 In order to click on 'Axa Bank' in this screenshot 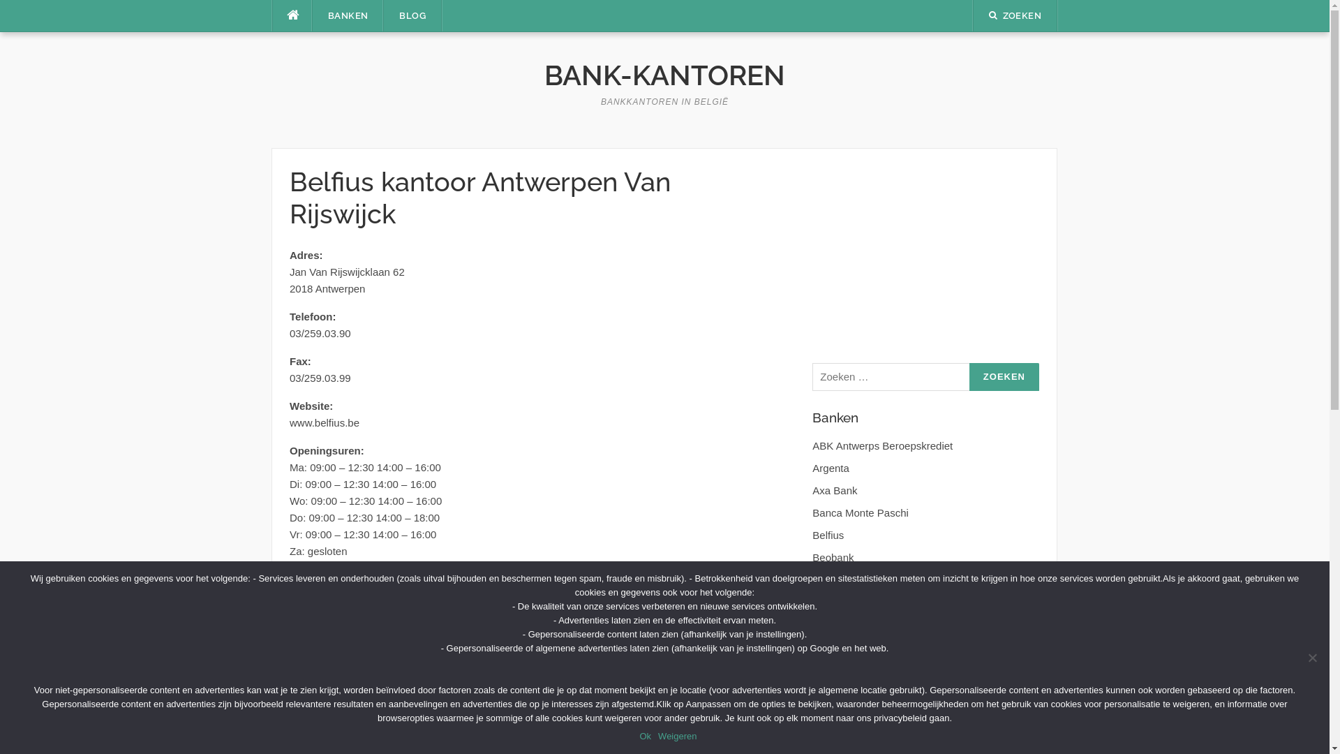, I will do `click(812, 489)`.